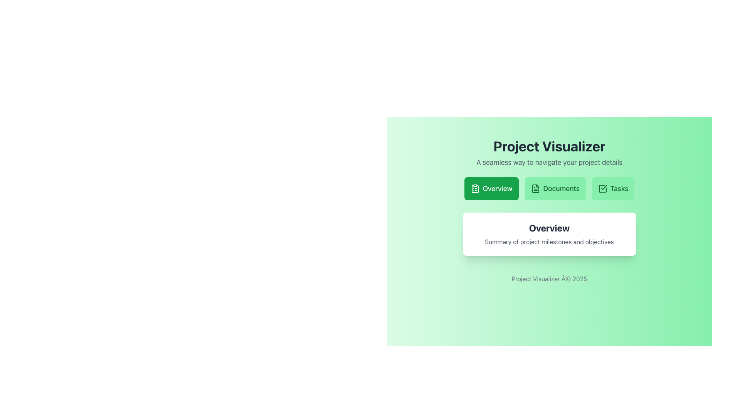 Image resolution: width=740 pixels, height=416 pixels. Describe the element at coordinates (535, 188) in the screenshot. I see `the 'Documents' button containing the file icon, which is the middle button in the row under the 'Project Visualizer' header` at that location.